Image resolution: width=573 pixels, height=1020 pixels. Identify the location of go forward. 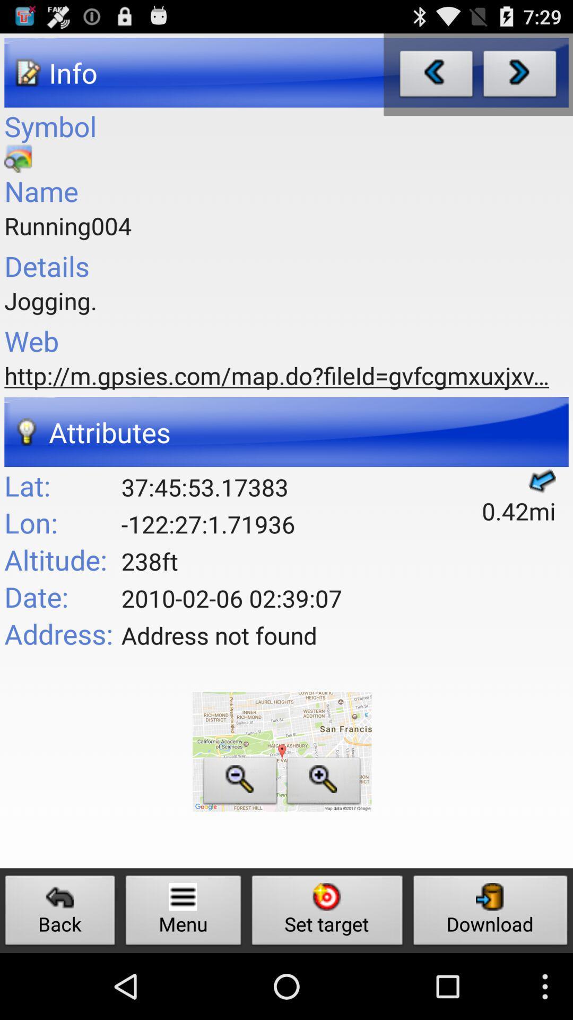
(519, 76).